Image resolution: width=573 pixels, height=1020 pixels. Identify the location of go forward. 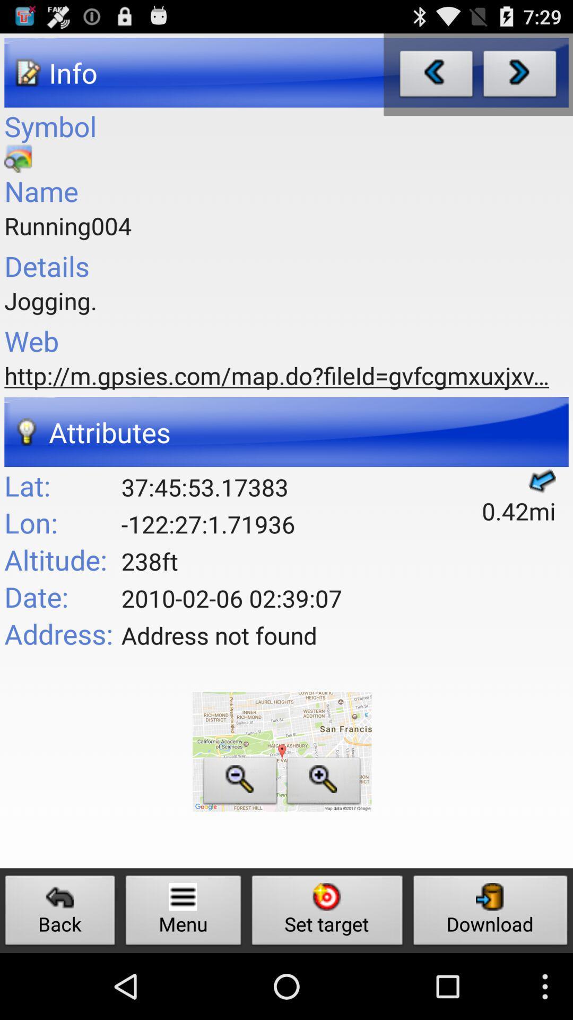
(519, 76).